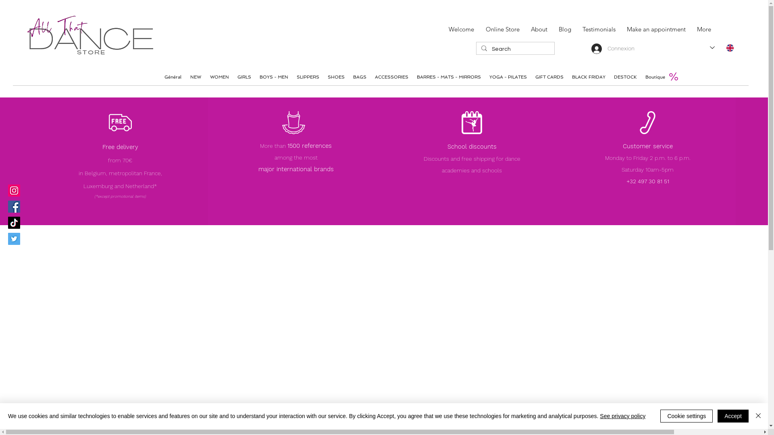 This screenshot has width=774, height=435. What do you see at coordinates (622, 416) in the screenshot?
I see `'See privacy policy'` at bounding box center [622, 416].